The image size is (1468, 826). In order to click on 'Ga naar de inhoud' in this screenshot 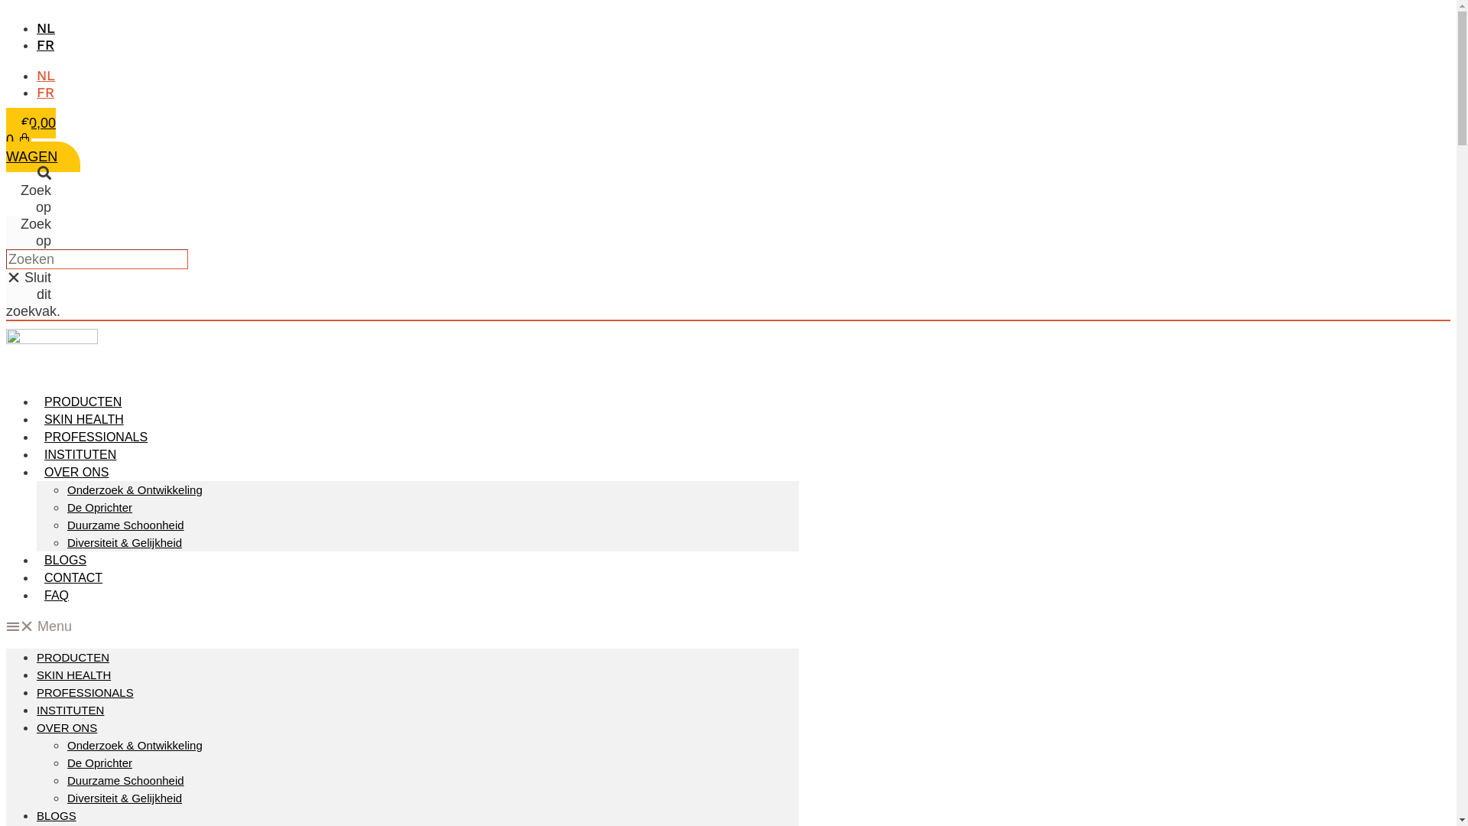, I will do `click(5, 5)`.